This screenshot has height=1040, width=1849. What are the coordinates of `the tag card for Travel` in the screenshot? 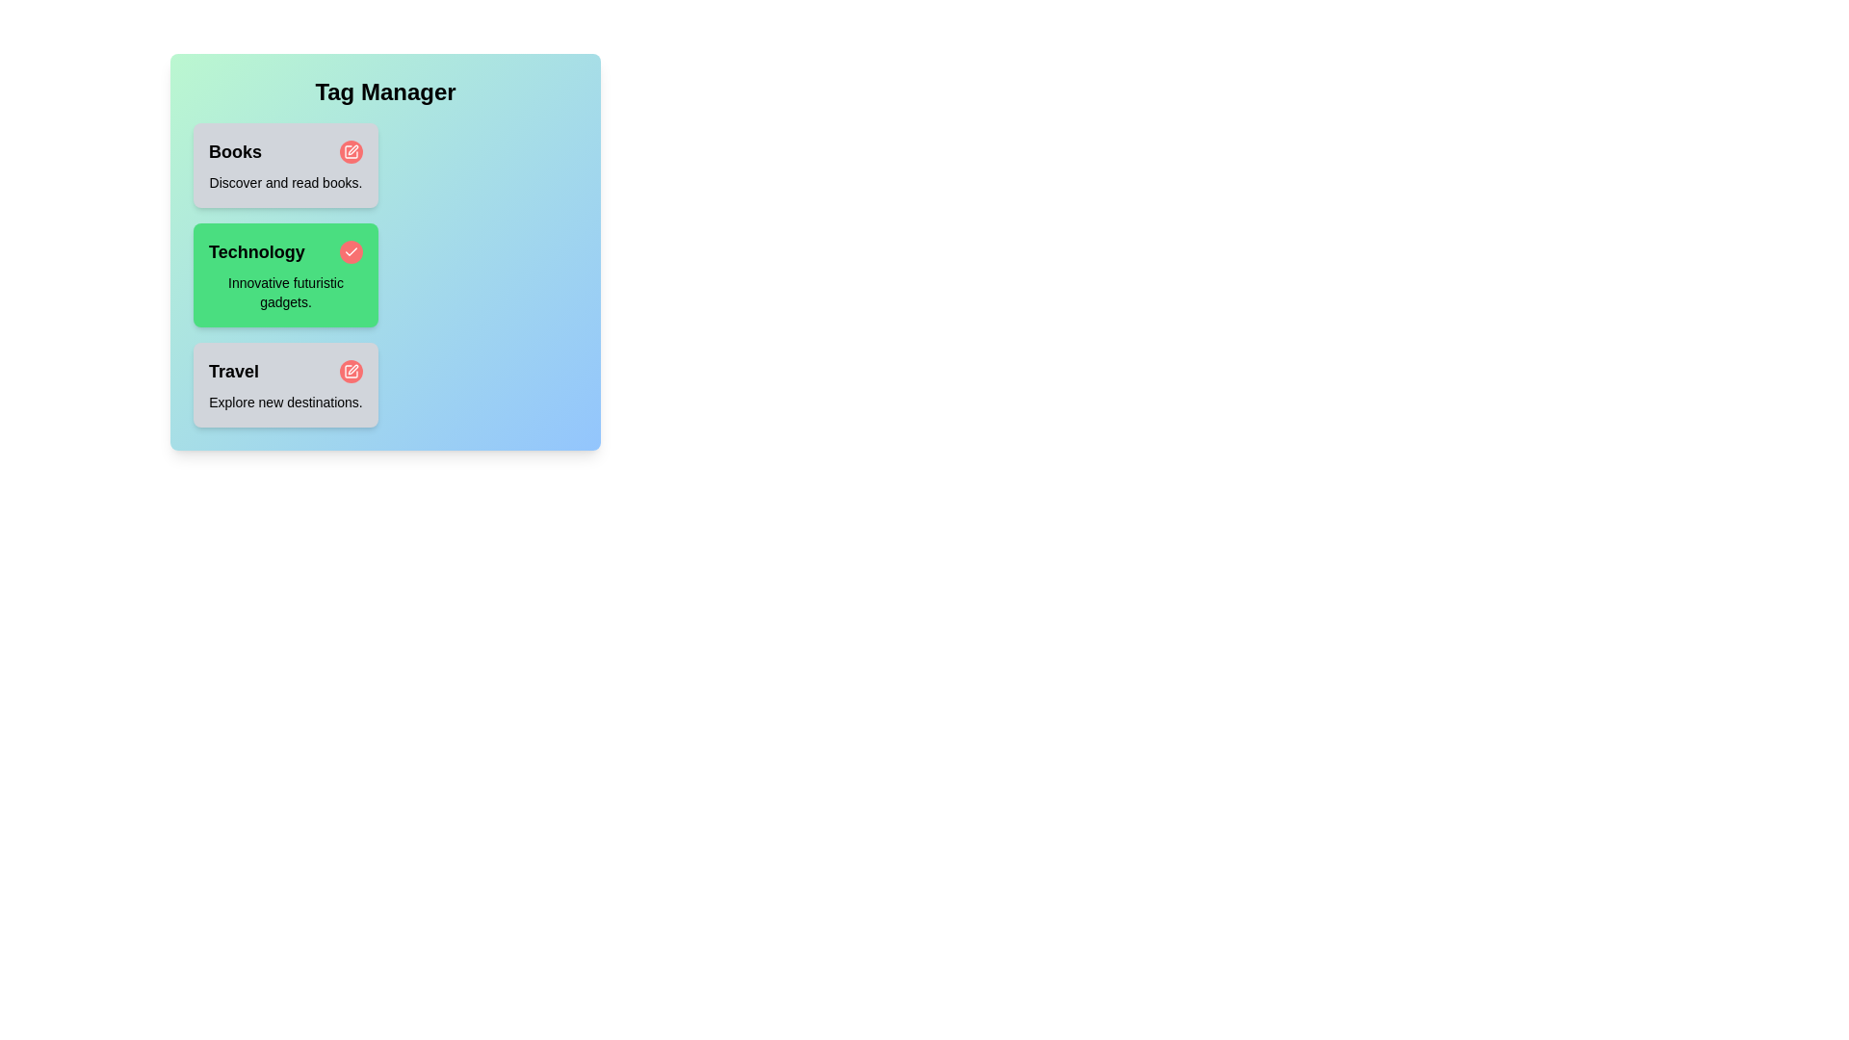 It's located at (285, 385).